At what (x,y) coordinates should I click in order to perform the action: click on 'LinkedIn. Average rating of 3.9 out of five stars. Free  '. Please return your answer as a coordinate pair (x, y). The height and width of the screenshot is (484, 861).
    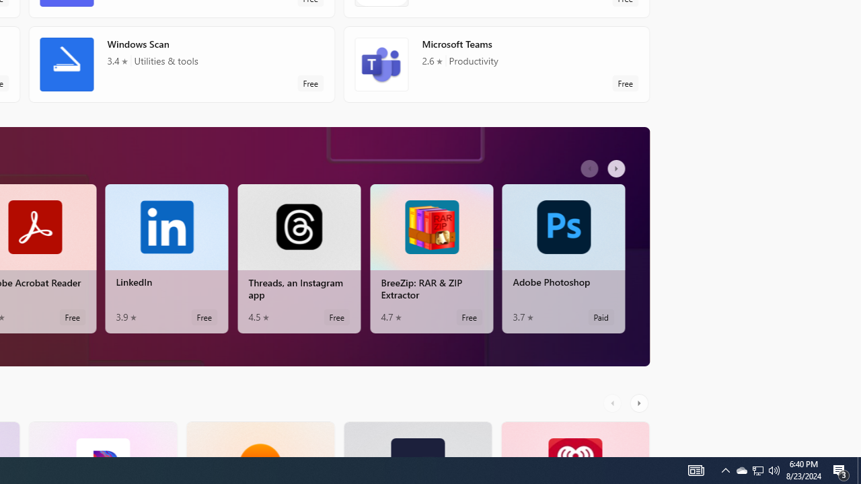
    Looking at the image, I should click on (165, 258).